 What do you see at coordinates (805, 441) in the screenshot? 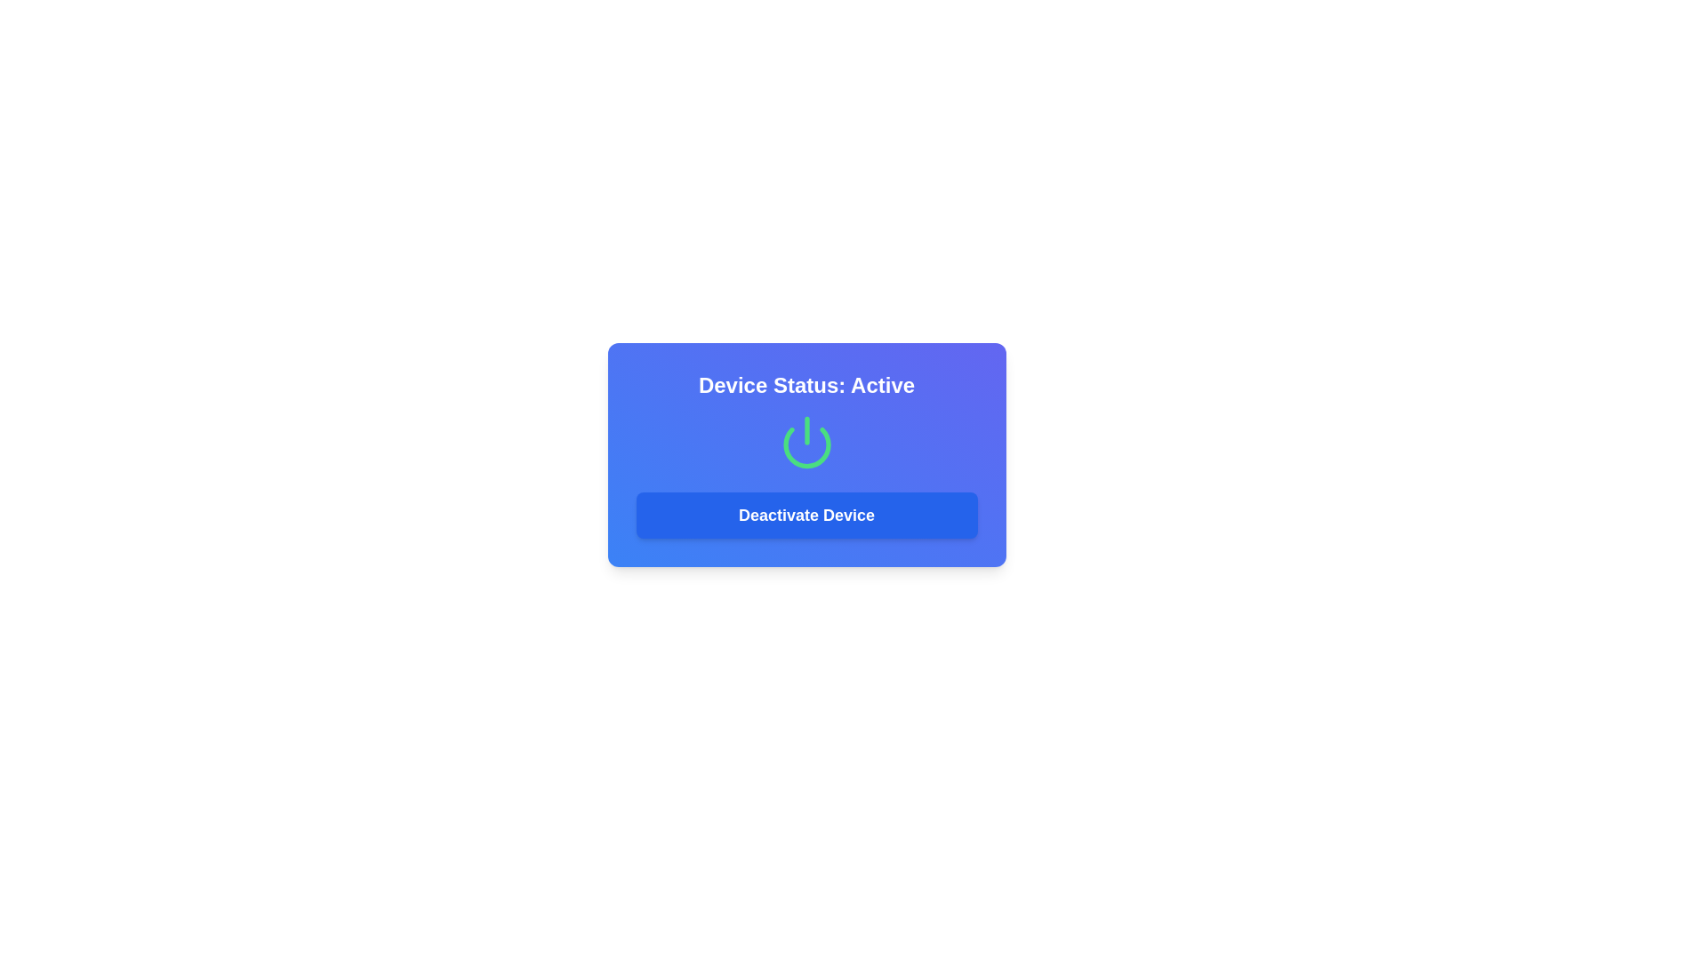
I see `the power on/off icon located beneath the text 'Device Status: Active' and above the 'Deactivate Device' button, which signifies the operational status of the device` at bounding box center [805, 441].